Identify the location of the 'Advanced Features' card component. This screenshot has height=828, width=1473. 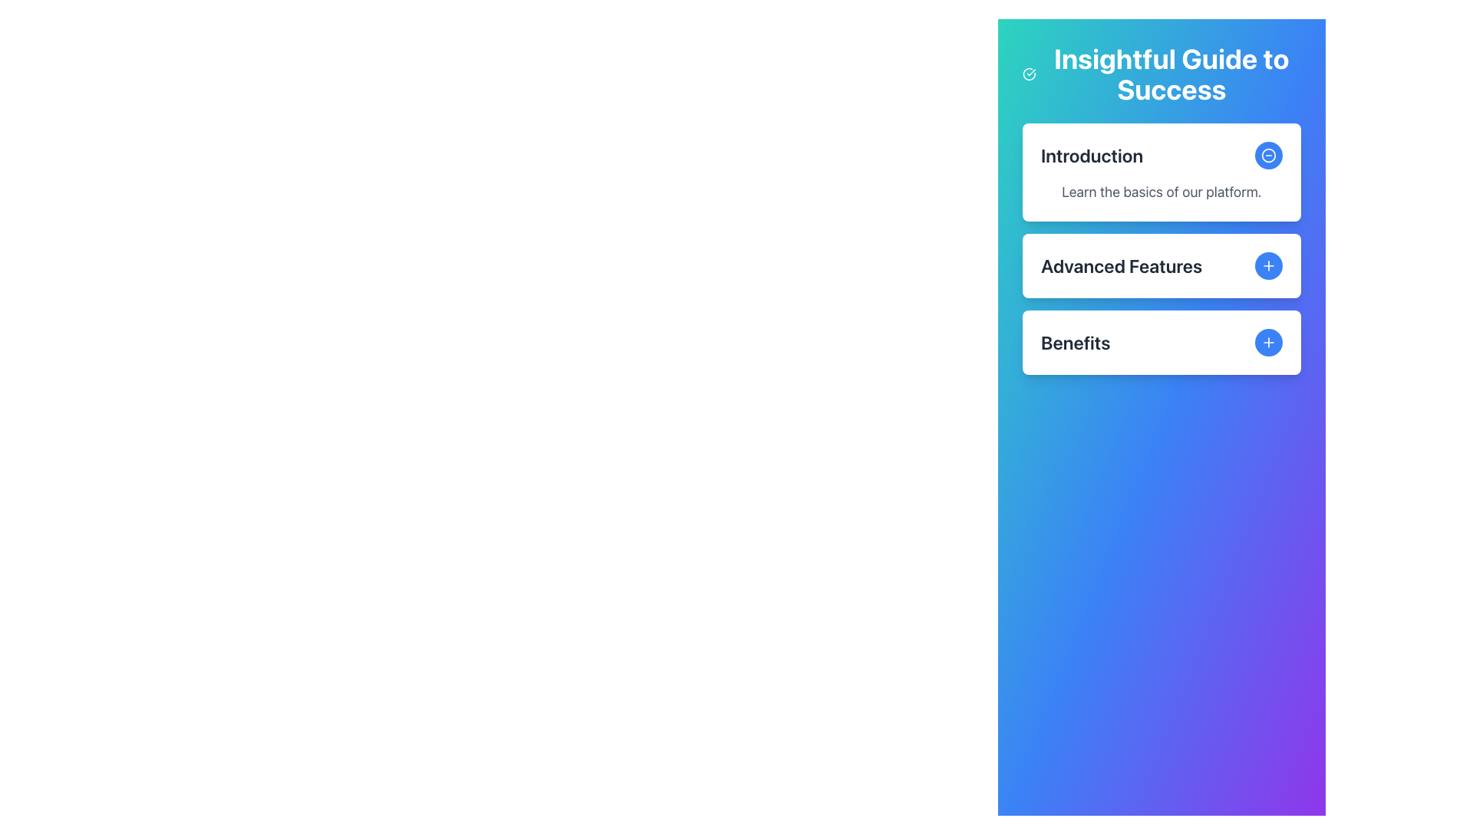
(1162, 248).